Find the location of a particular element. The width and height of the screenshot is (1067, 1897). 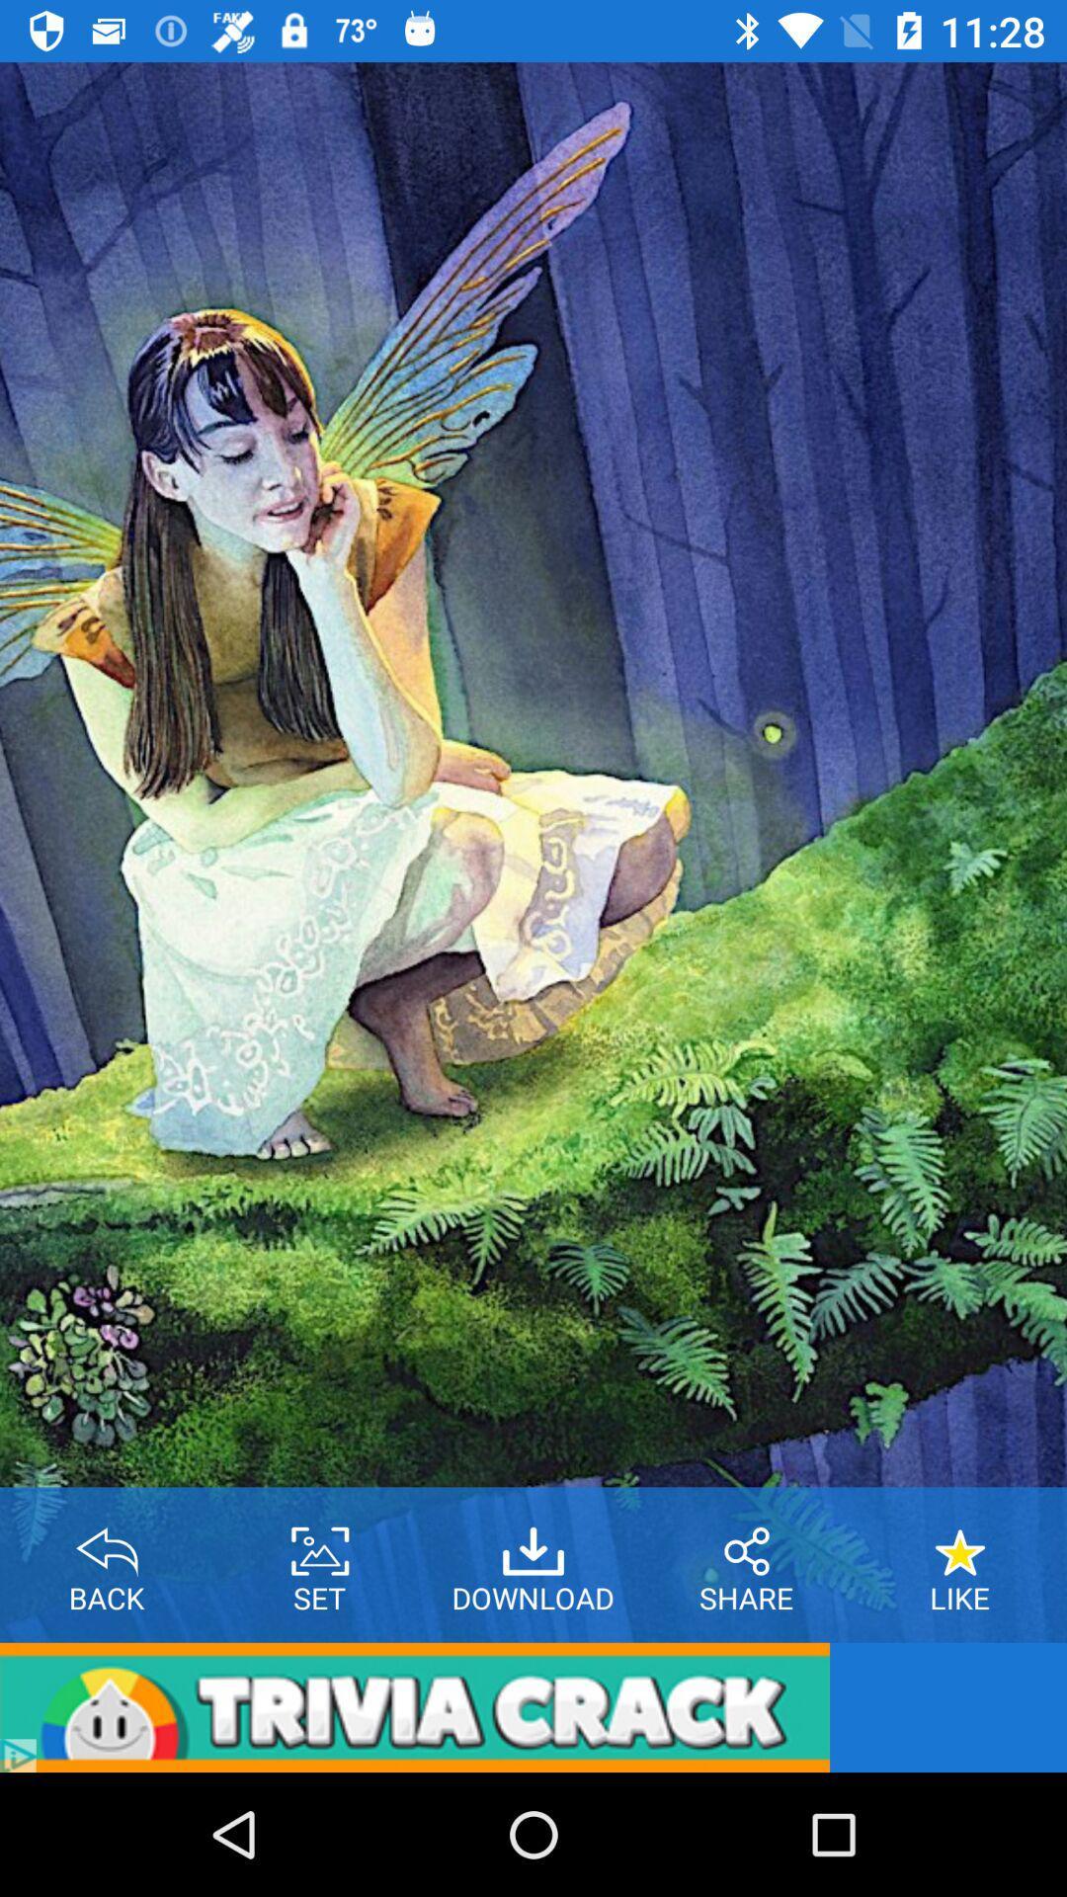

download is located at coordinates (533, 1543).